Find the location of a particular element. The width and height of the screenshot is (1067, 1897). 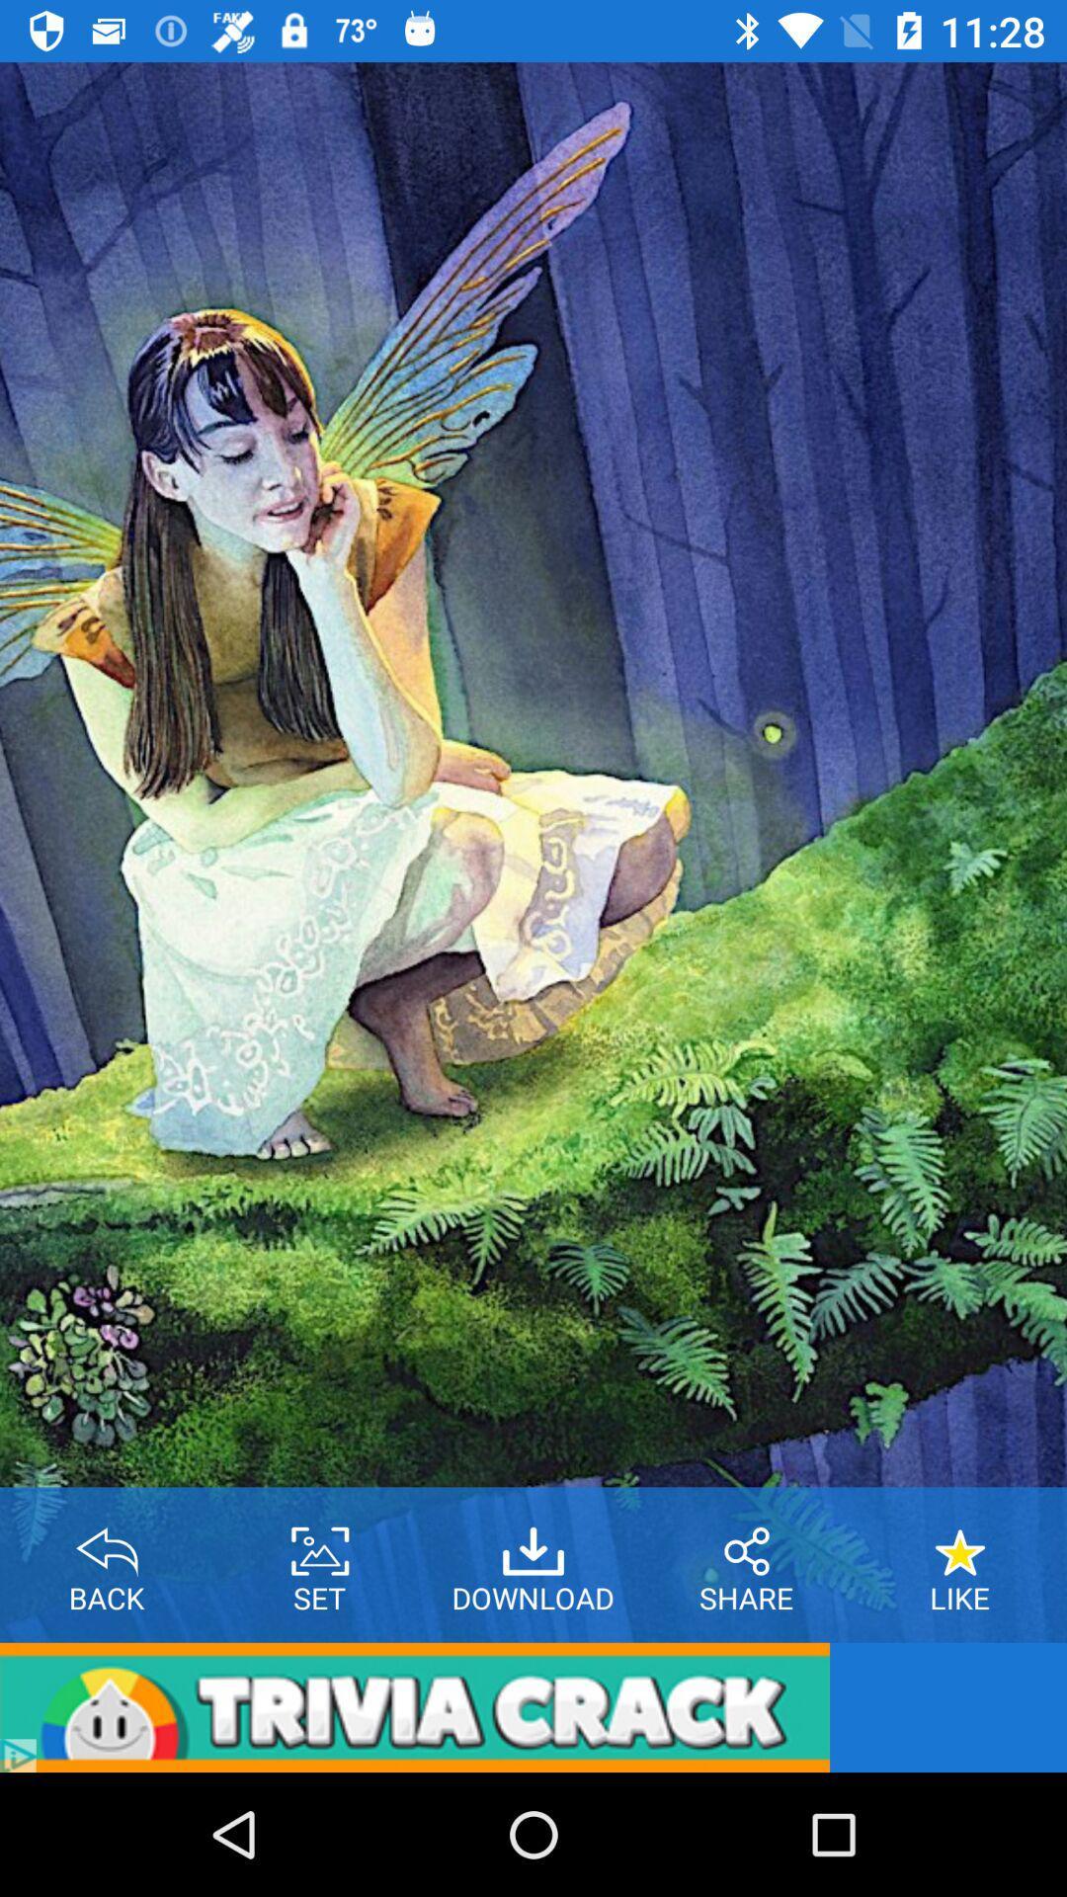

download is located at coordinates (533, 1543).